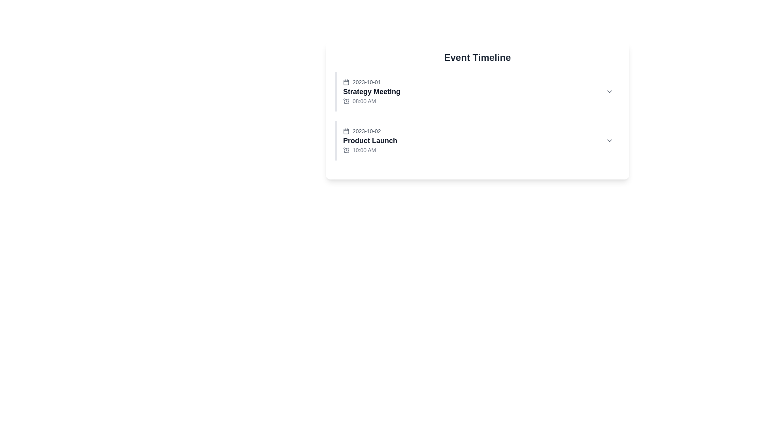 The height and width of the screenshot is (427, 759). I want to click on the rounded rectangle representing the calendar icon located to the left of the text '2023-10-02 Product Launch' in the event timeline, so click(346, 130).